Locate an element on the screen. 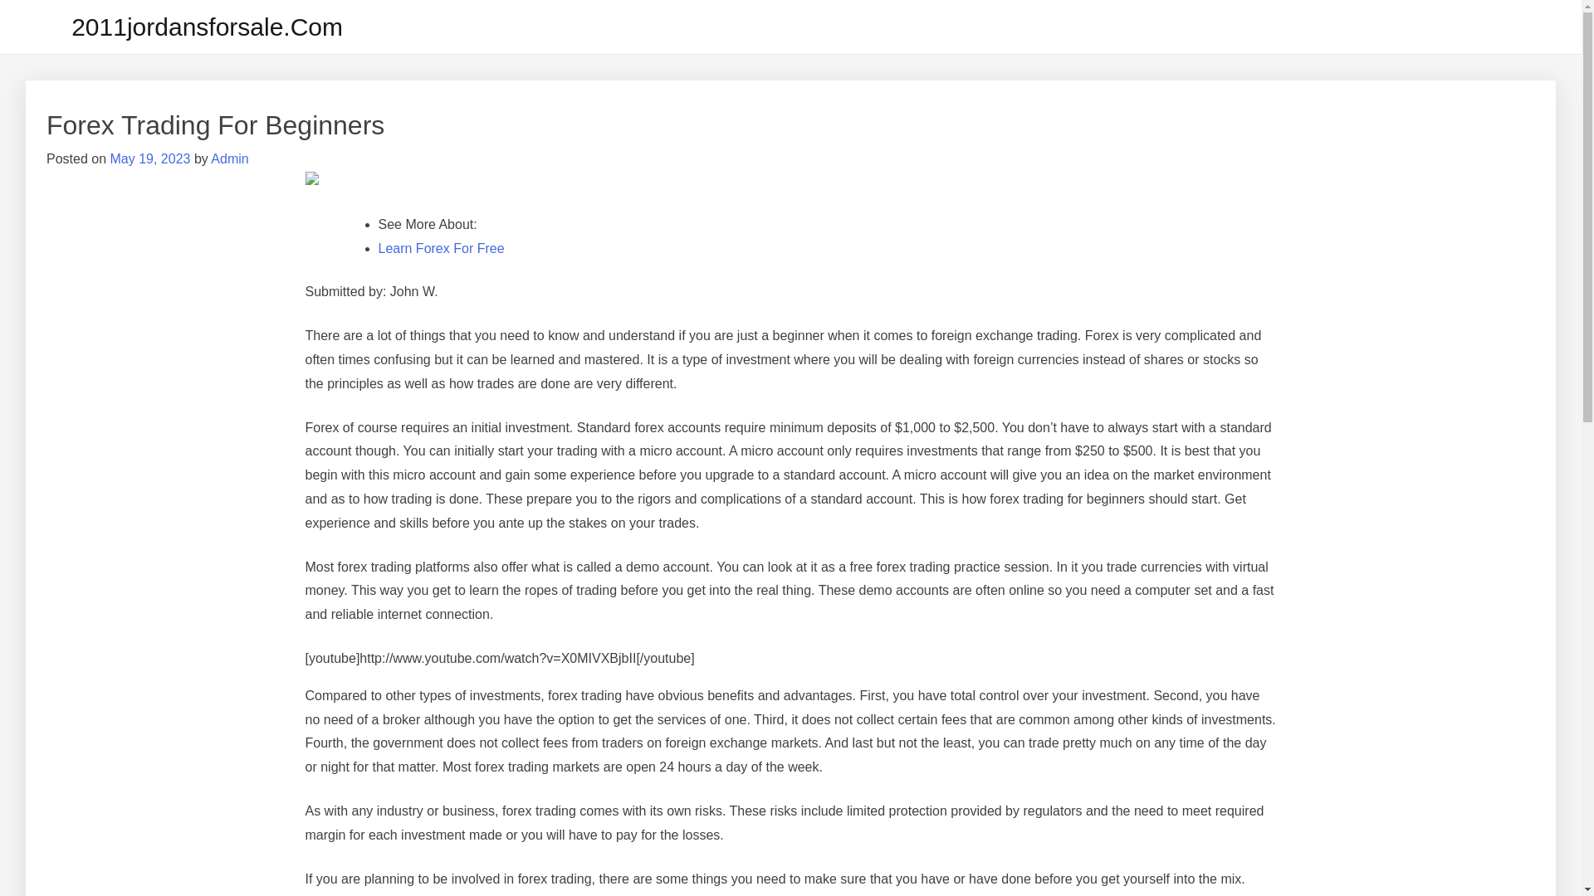 The height and width of the screenshot is (896, 1594). 'May 19, 2023' is located at coordinates (149, 158).